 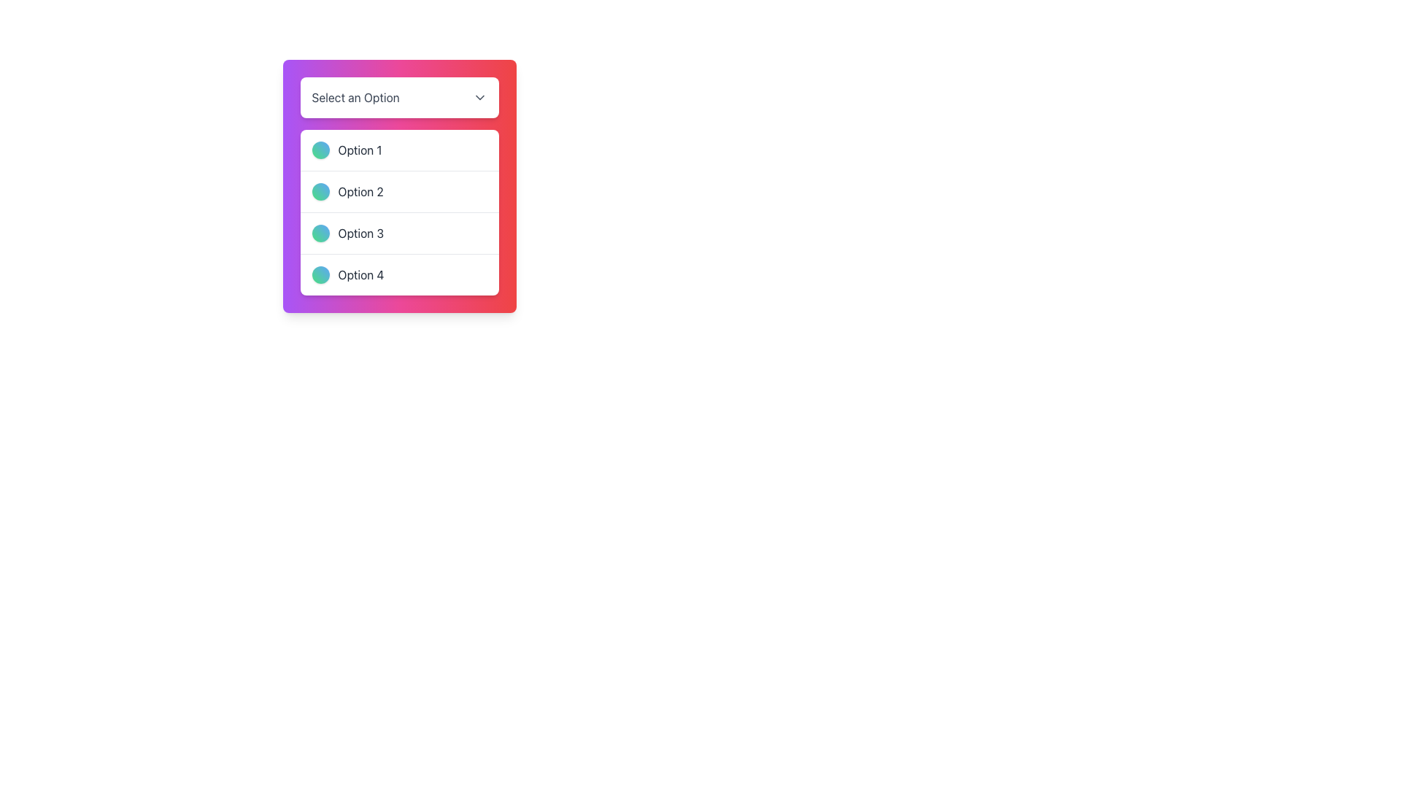 I want to click on the list item labeled 'Option 2' within the dropdown menu, so click(x=399, y=185).